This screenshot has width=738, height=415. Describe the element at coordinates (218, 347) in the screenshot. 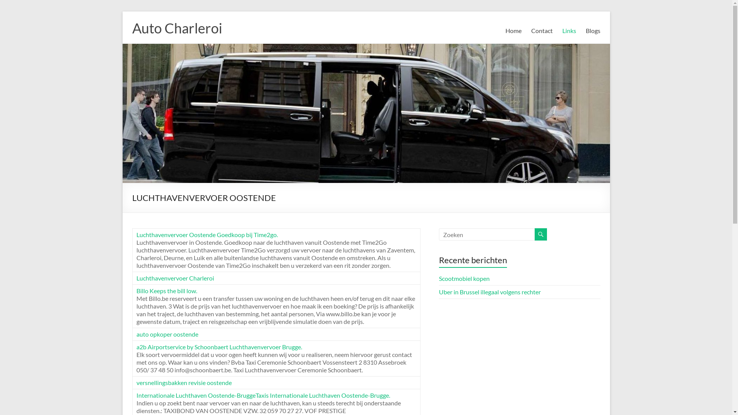

I see `'a2b Airportservice by Schoonbaert Luchthavenvervoer Brugge.'` at that location.